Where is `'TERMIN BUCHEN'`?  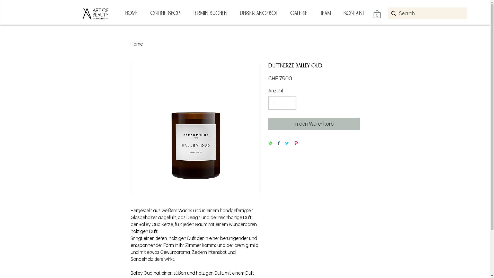 'TERMIN BUCHEN' is located at coordinates (209, 13).